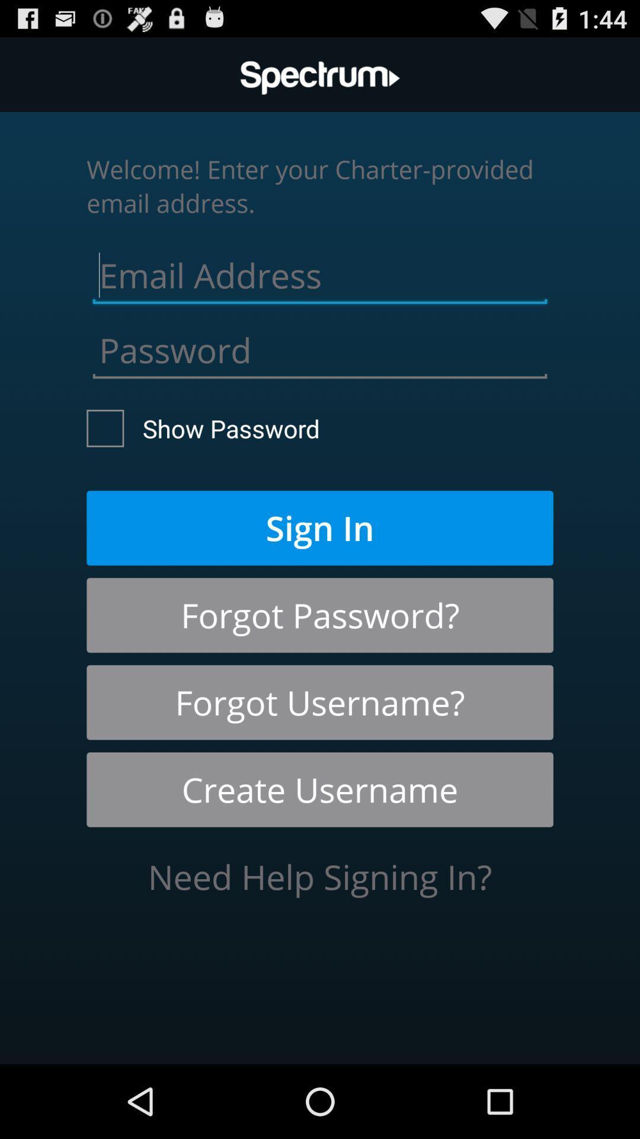 The width and height of the screenshot is (640, 1139). I want to click on type email address, so click(320, 272).